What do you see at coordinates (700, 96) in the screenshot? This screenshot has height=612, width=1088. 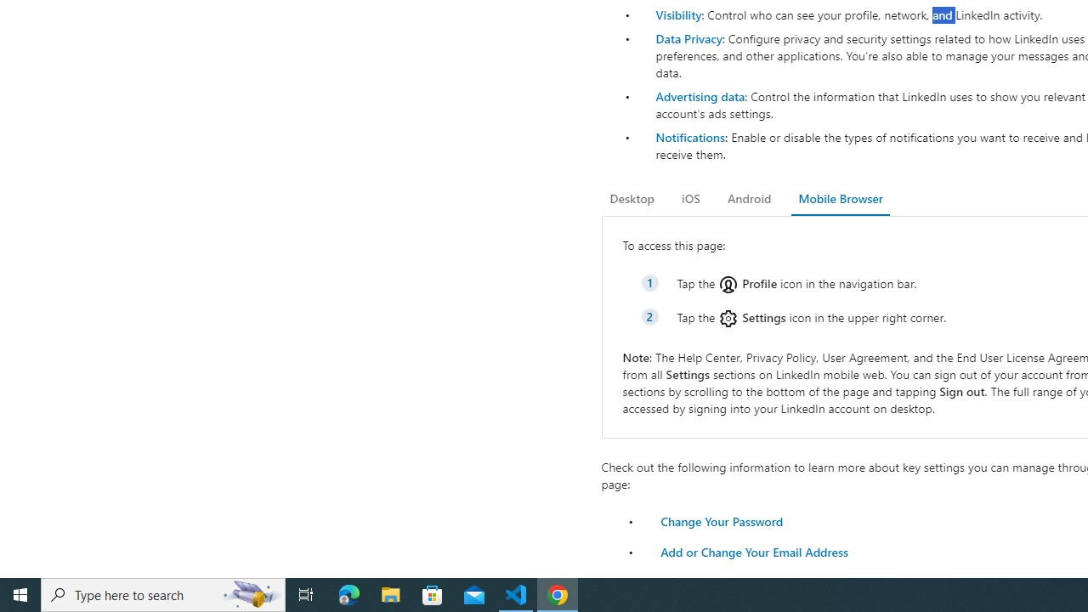 I see `'Advertising data'` at bounding box center [700, 96].